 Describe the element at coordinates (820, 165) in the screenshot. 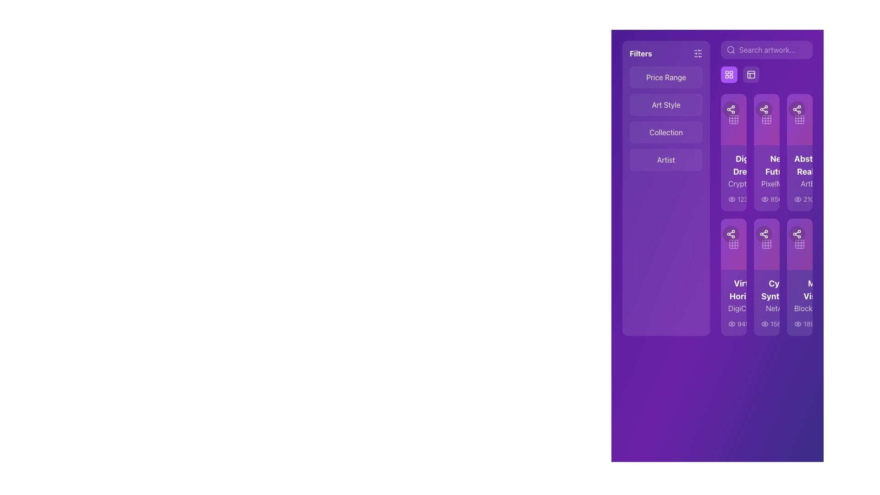

I see `the Text Label displaying '1.8 ETH' in bold purple font, located within a rounded rectangle background` at that location.